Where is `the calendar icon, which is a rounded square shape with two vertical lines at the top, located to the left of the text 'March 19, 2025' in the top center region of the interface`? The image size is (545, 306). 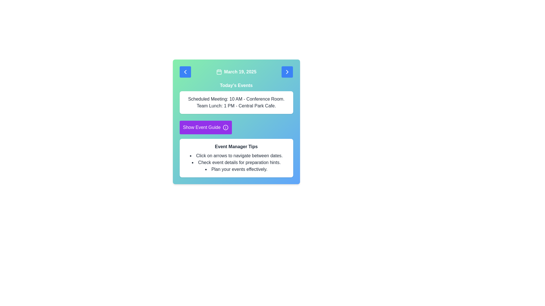 the calendar icon, which is a rounded square shape with two vertical lines at the top, located to the left of the text 'March 19, 2025' in the top center region of the interface is located at coordinates (219, 72).